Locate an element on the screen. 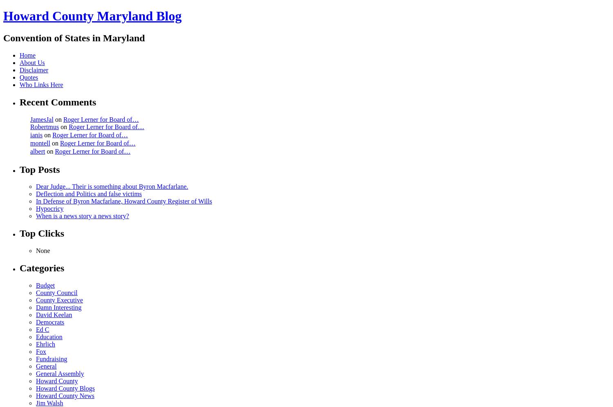 The image size is (613, 407). 'Convention of States in Maryland' is located at coordinates (3, 38).